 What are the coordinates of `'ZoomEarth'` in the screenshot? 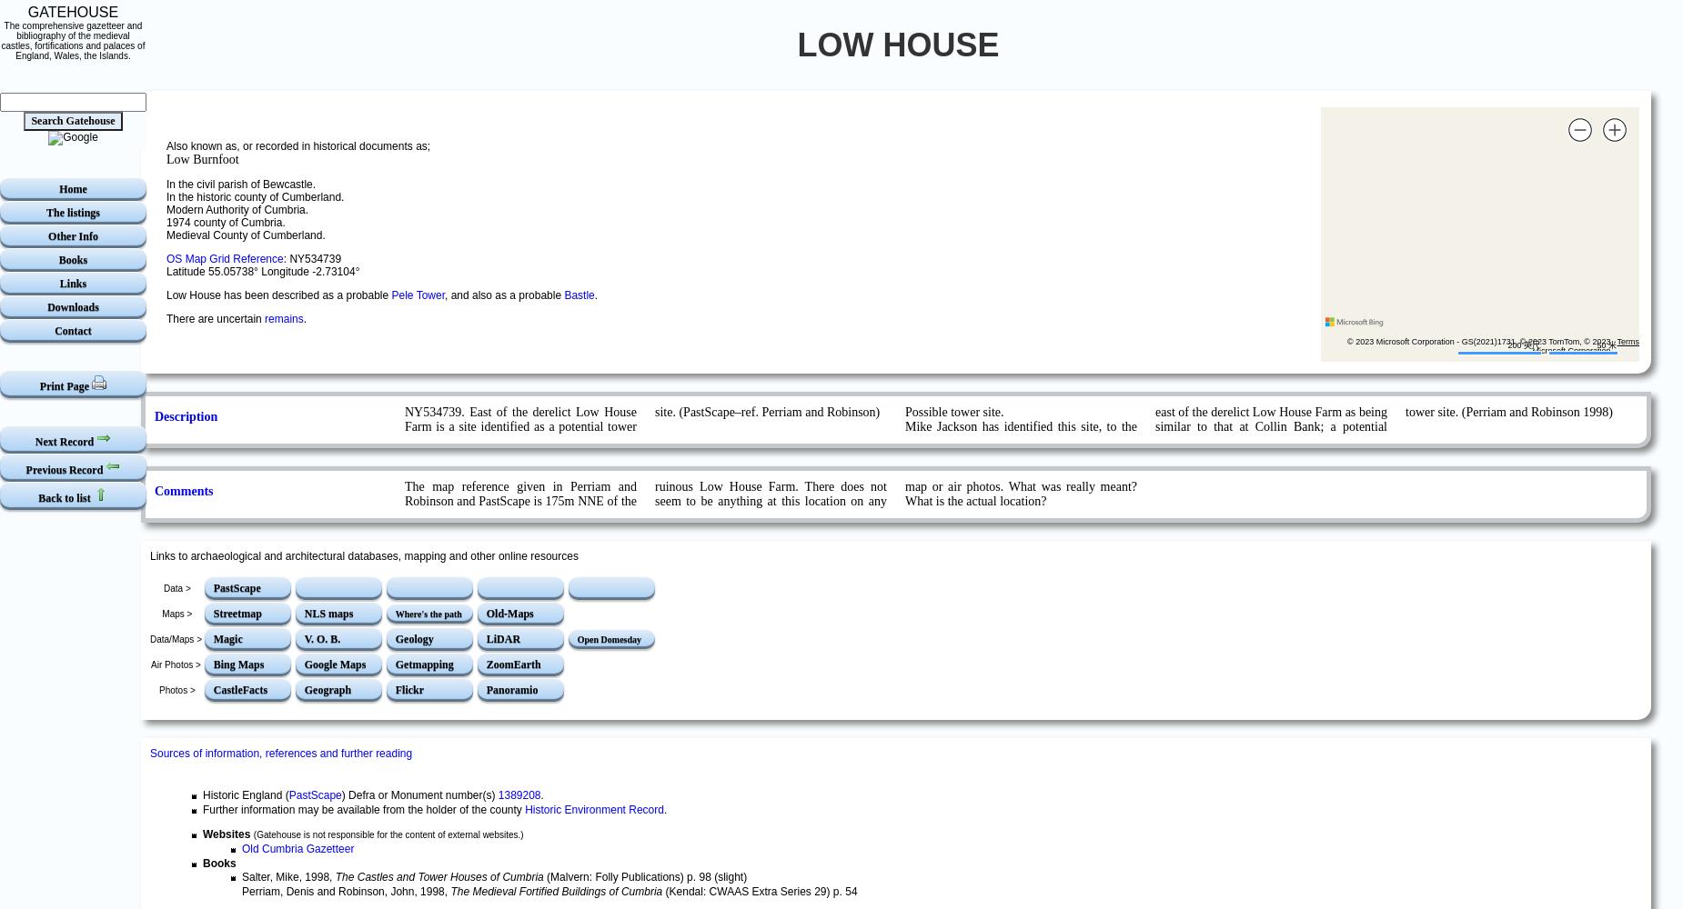 It's located at (513, 664).